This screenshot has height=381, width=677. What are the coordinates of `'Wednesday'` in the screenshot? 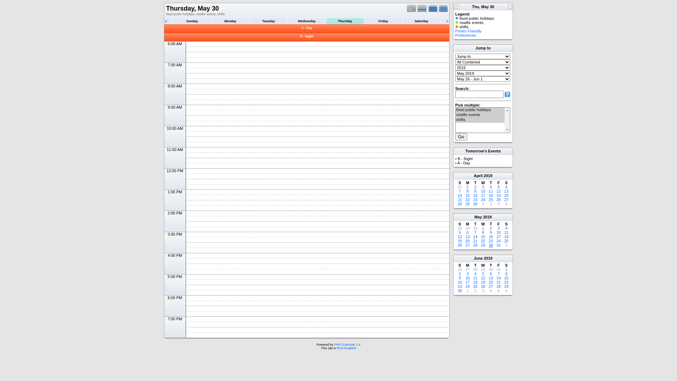 It's located at (306, 21).